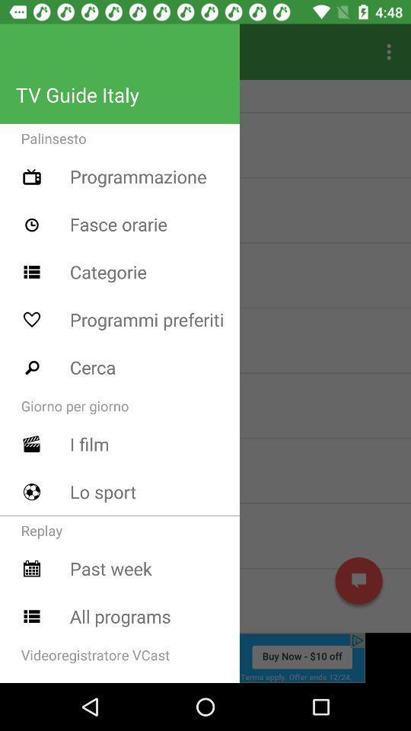 This screenshot has width=411, height=731. I want to click on search icon, so click(32, 366).